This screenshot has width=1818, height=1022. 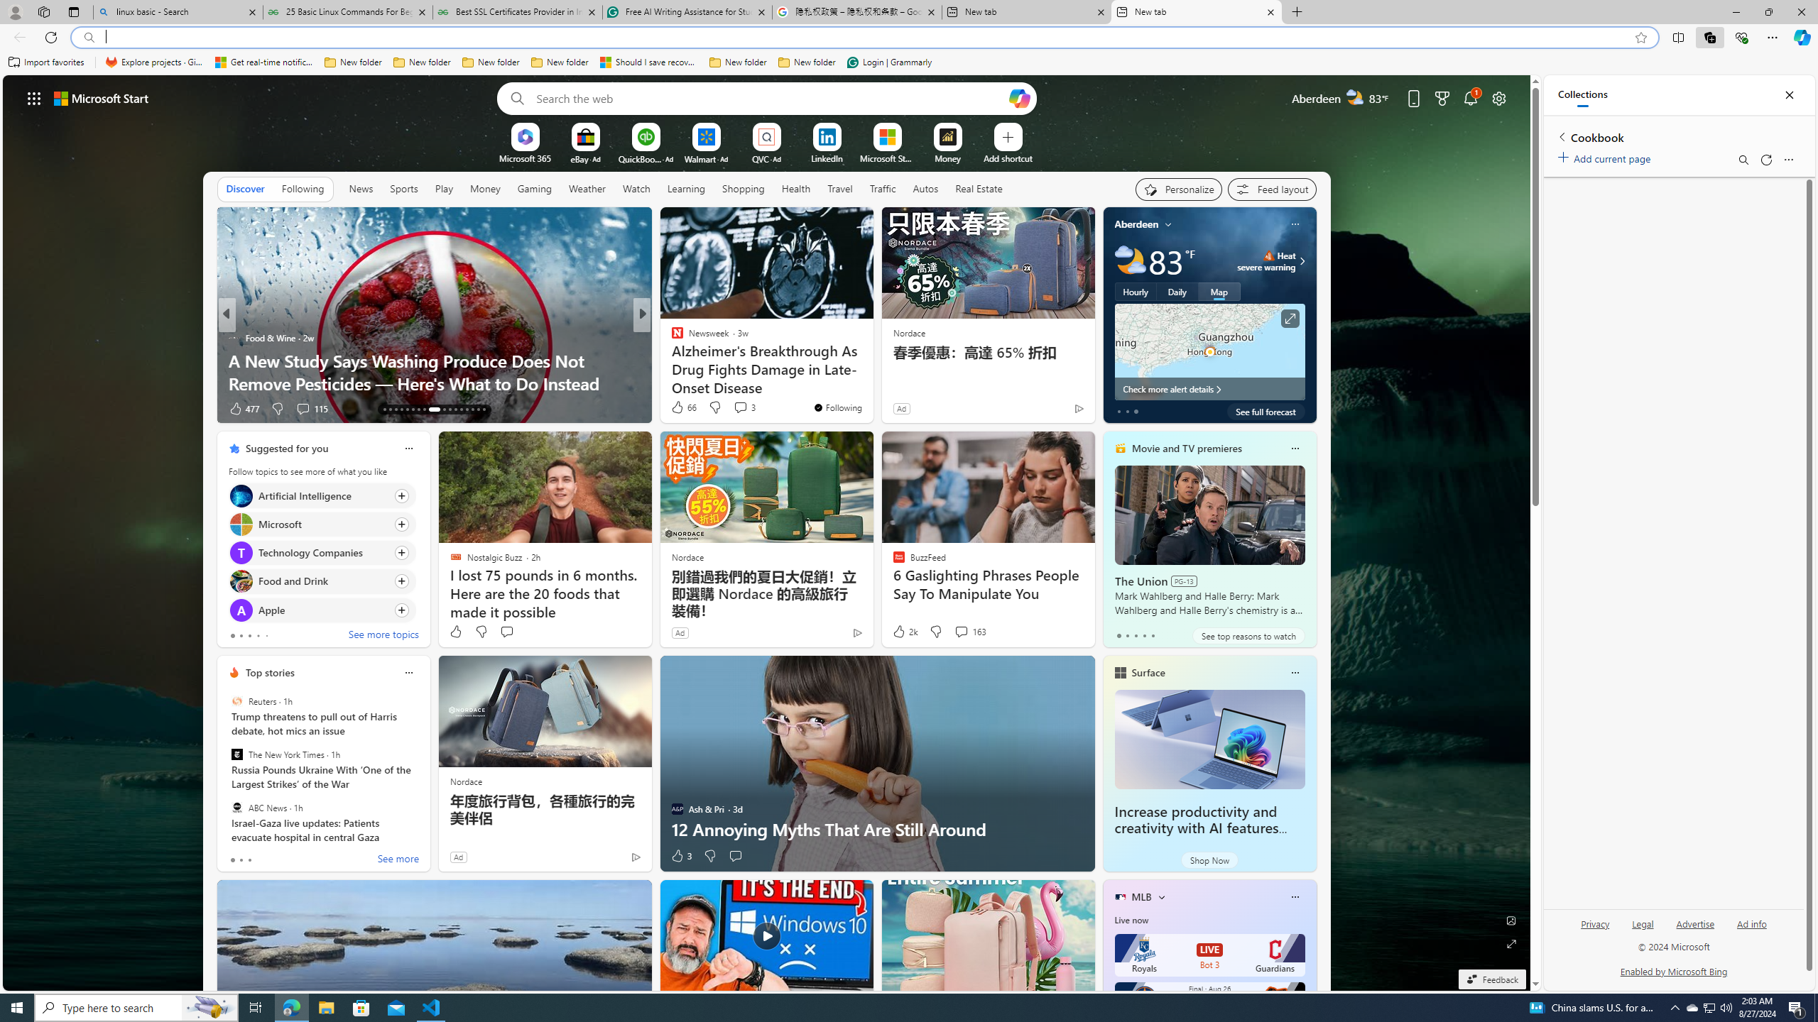 I want to click on 'Microsoft rewards', so click(x=1442, y=97).